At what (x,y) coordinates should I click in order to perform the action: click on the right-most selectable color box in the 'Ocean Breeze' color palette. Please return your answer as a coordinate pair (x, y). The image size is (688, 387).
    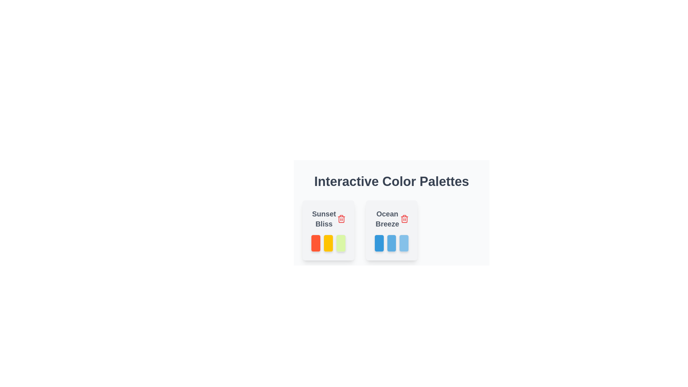
    Looking at the image, I should click on (404, 243).